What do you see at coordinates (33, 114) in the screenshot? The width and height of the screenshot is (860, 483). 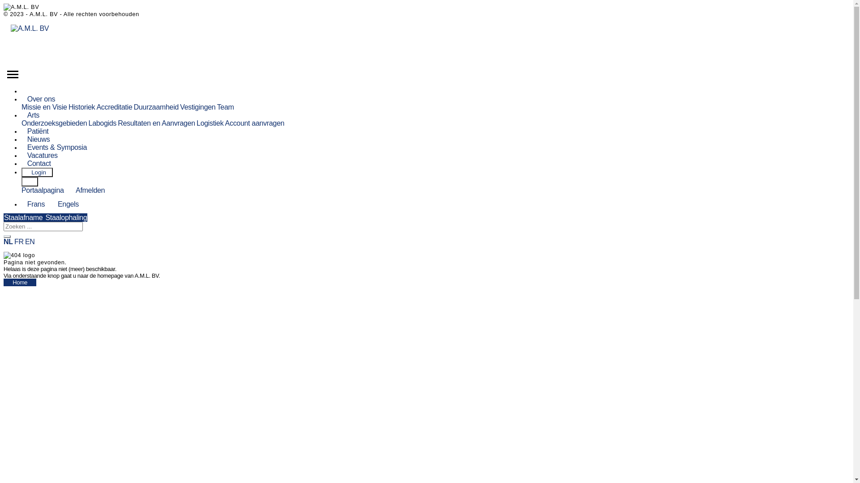 I see `'Arts'` at bounding box center [33, 114].